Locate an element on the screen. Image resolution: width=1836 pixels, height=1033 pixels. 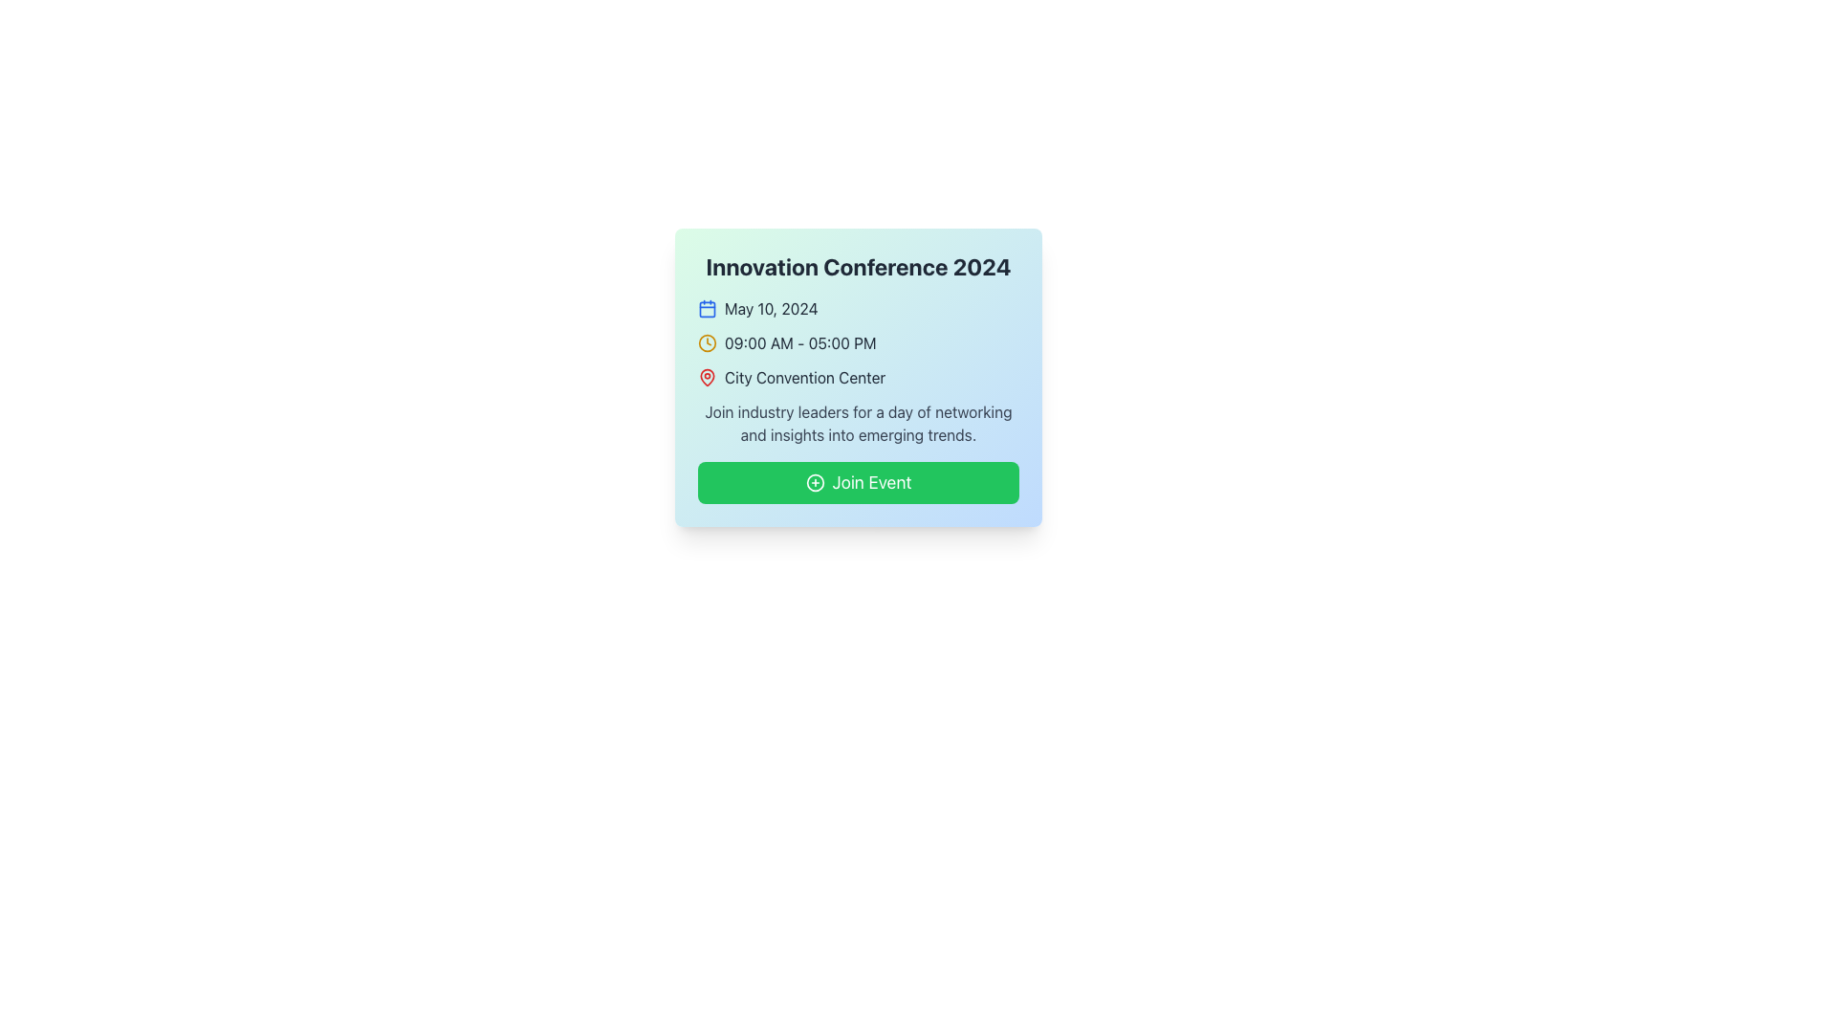
the clock icon located in the middle row of the event card, which is aligned to the left of the text '09:00 AM - 05:00 PM' is located at coordinates (706, 341).